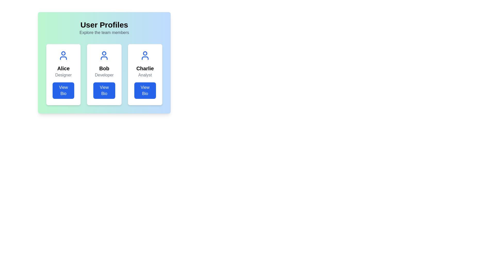  I want to click on the avatar placeholder icon representing user 'Alice', located at the top-center of the first white card in the leftmost panel of a horizontally arranged group of three cards, so click(63, 56).